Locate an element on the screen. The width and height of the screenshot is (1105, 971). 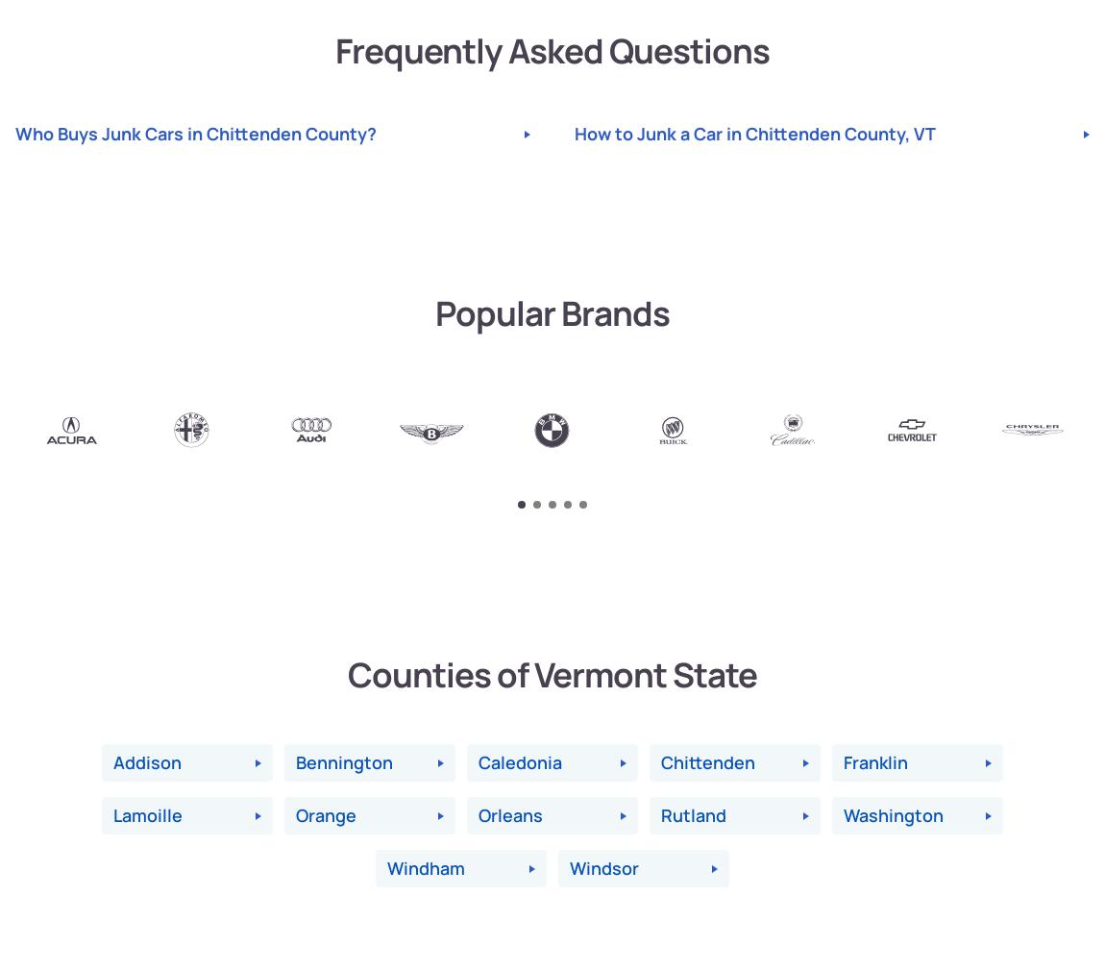
'Caledonia' is located at coordinates (520, 761).